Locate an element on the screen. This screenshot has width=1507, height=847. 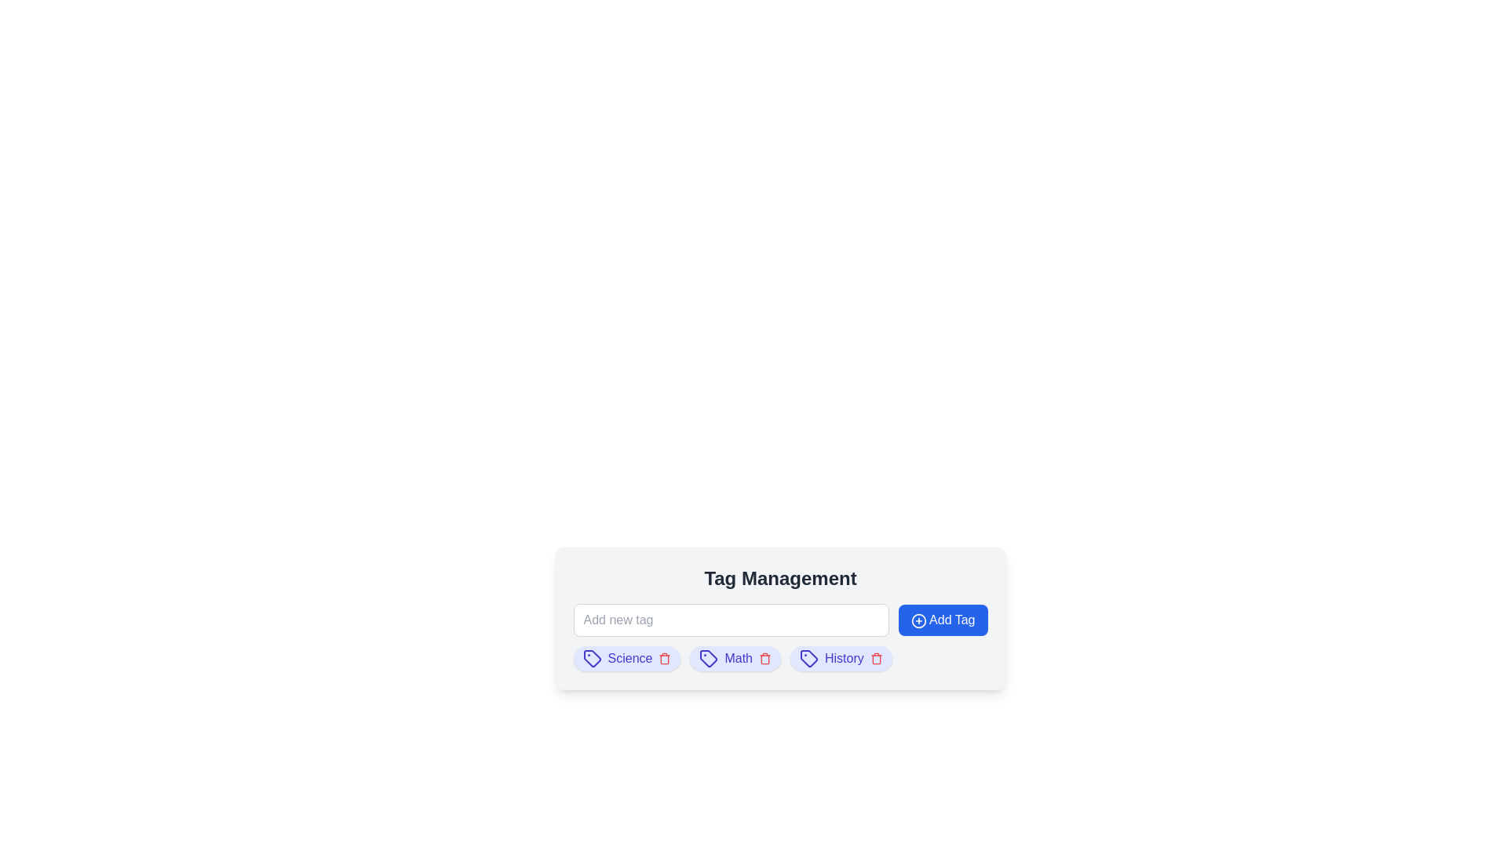
the blue outlined tag icon with a circular detail located to the left of the 'History' text is located at coordinates (809, 659).